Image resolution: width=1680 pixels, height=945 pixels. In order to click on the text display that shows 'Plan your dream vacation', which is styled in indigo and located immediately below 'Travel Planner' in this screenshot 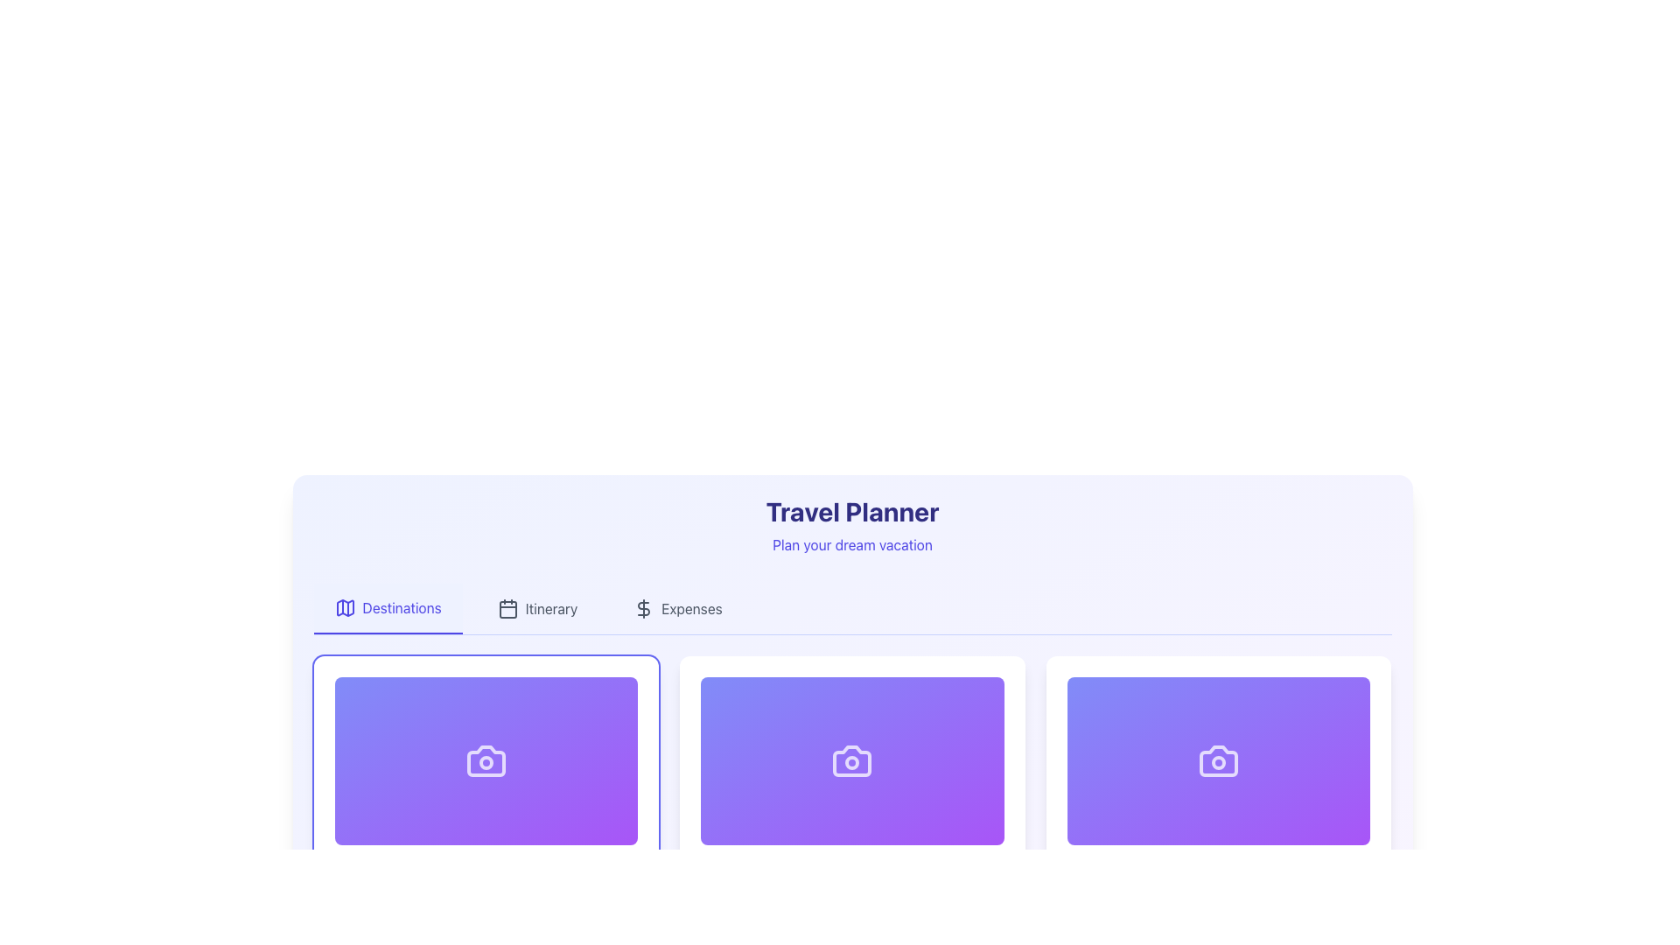, I will do `click(852, 544)`.